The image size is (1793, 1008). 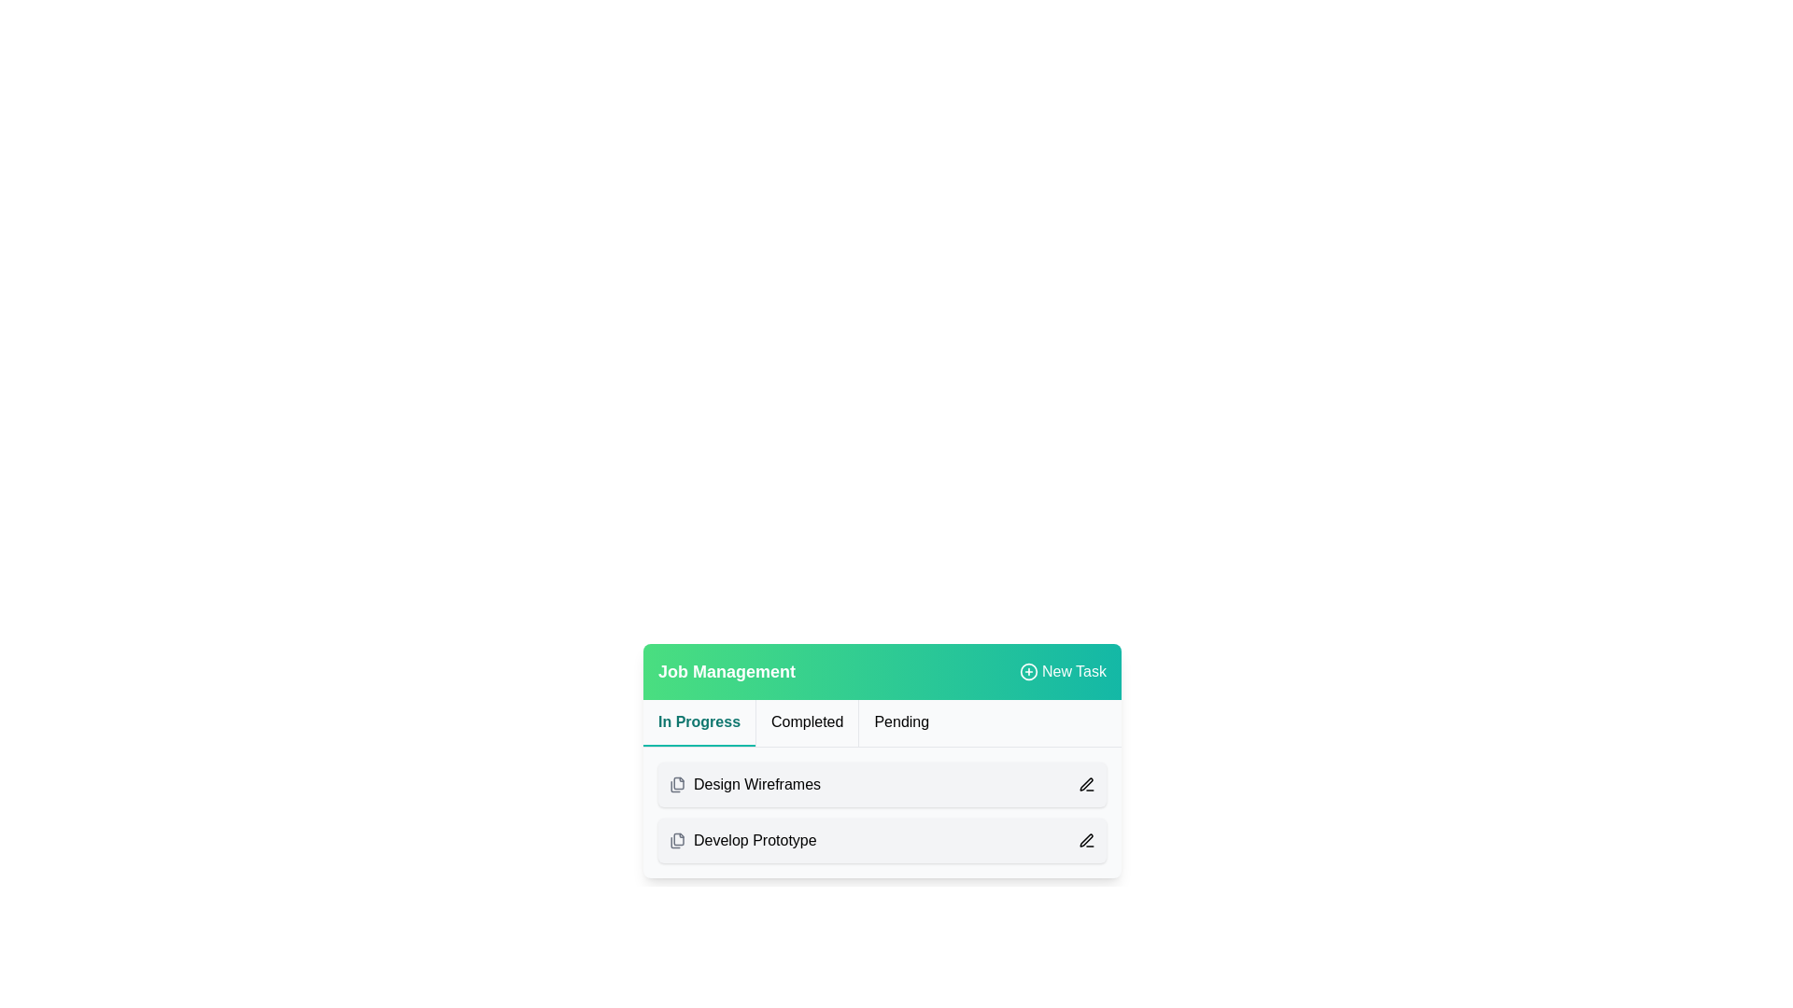 I want to click on the text label displaying 'Develop Prototype', which is the second item in the 'In Progress' category of the task management interface, so click(x=755, y=841).